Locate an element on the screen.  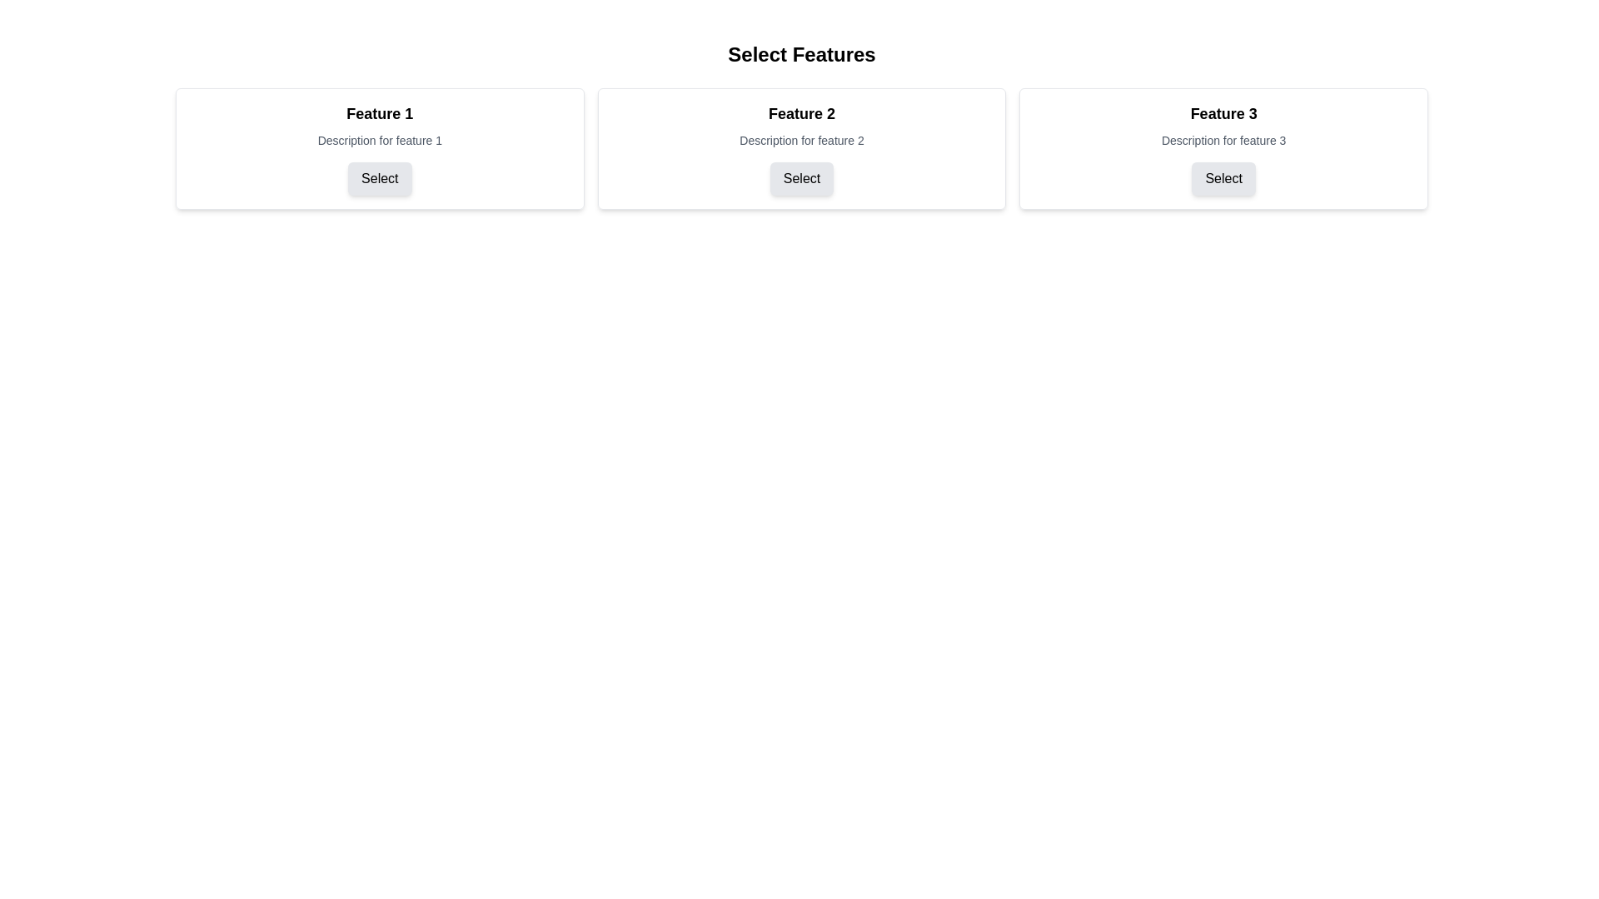
the static text label providing information about 'Feature 2', which is located below the title 'Feature 2' and above the 'Select' button is located at coordinates (802, 140).